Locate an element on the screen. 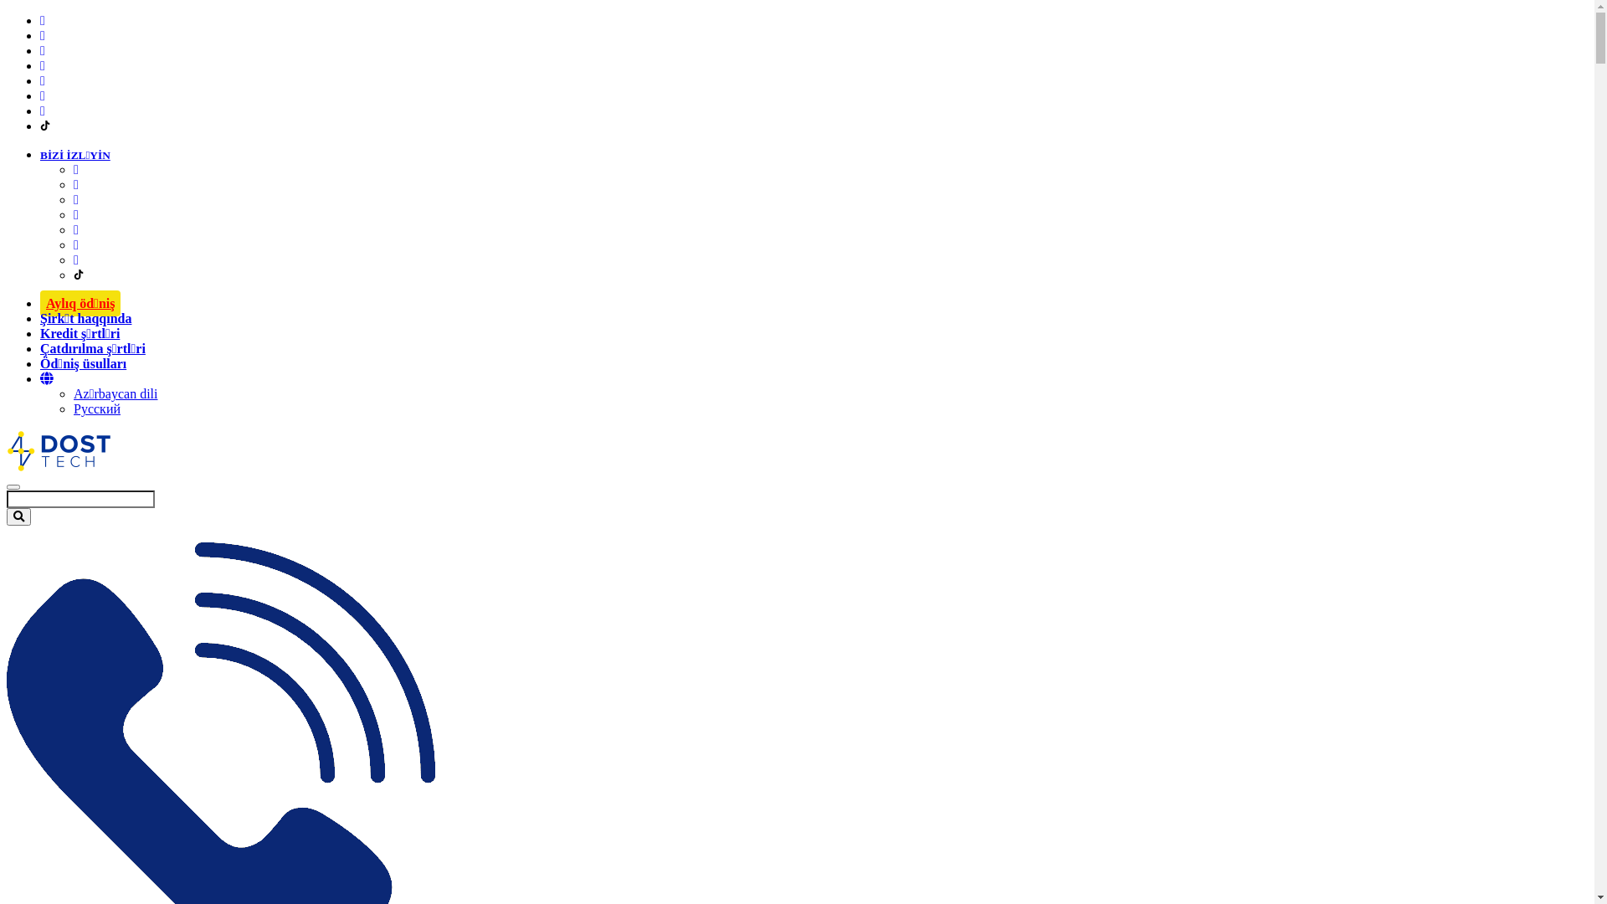 This screenshot has width=1607, height=904. 'Linkedin' is located at coordinates (43, 49).